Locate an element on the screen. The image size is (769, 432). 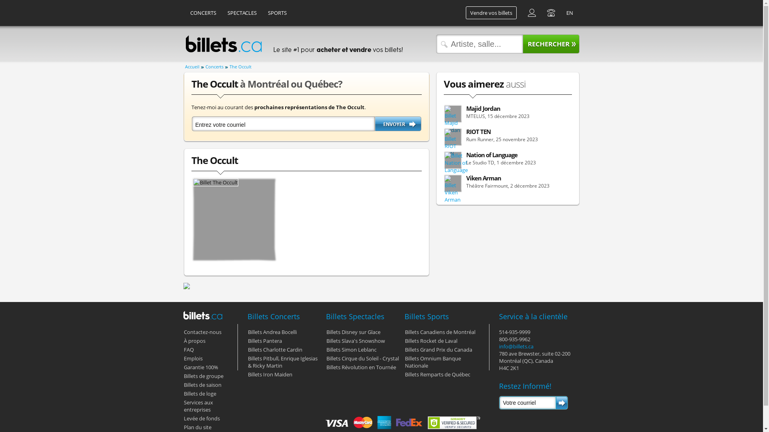
'Billet RIOT TEN' is located at coordinates (453, 142).